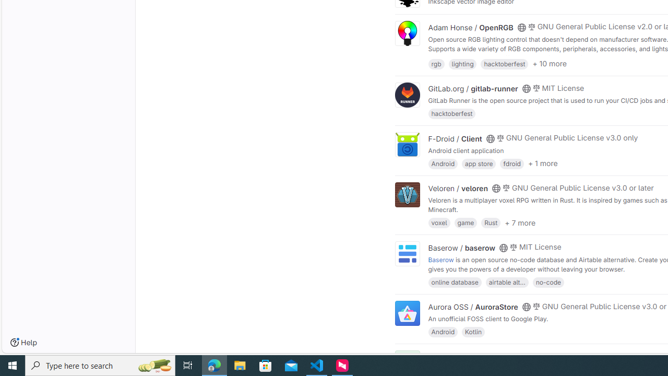  What do you see at coordinates (472, 306) in the screenshot?
I see `'Aurora OSS / AuroraStore'` at bounding box center [472, 306].